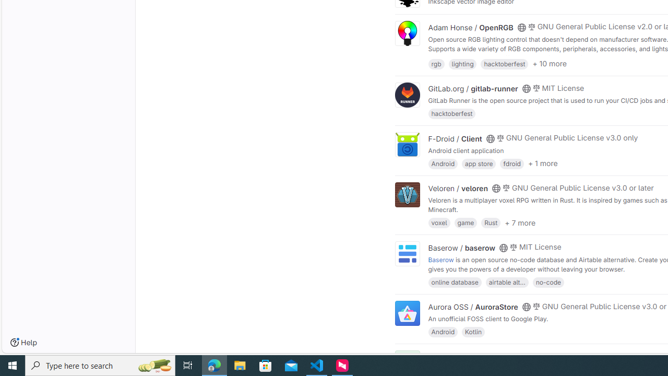  What do you see at coordinates (472, 306) in the screenshot?
I see `'Aurora OSS / AuroraStore'` at bounding box center [472, 306].